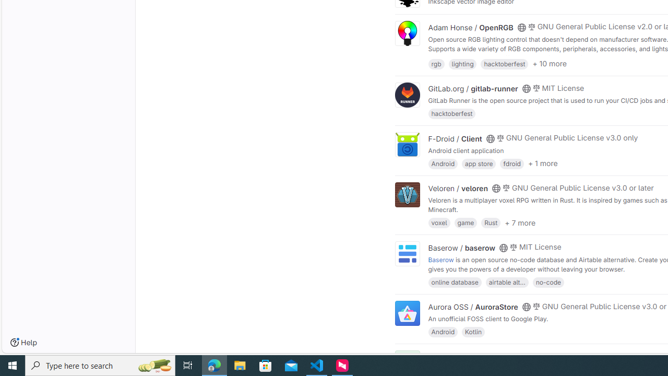  What do you see at coordinates (472, 306) in the screenshot?
I see `'Aurora OSS / AuroraStore'` at bounding box center [472, 306].